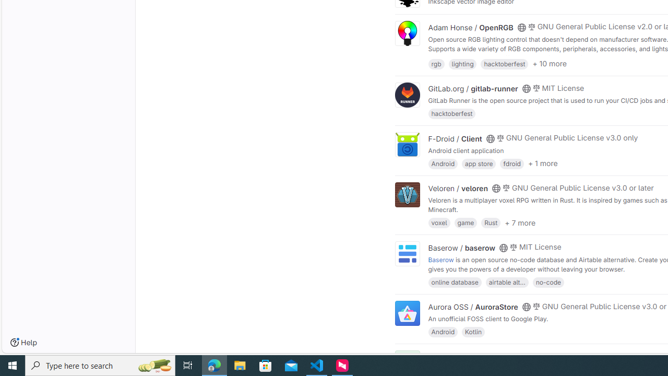  What do you see at coordinates (472, 306) in the screenshot?
I see `'Aurora OSS / AuroraStore'` at bounding box center [472, 306].